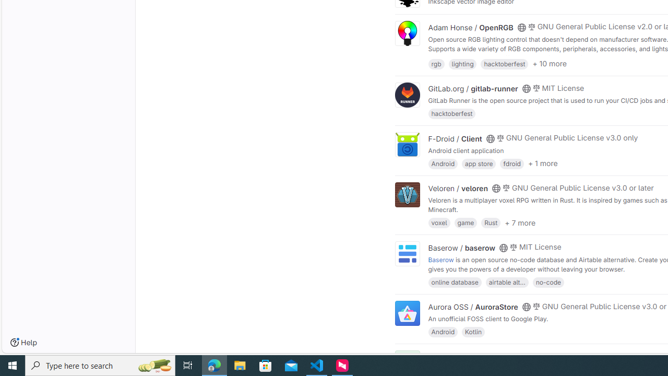  What do you see at coordinates (472, 306) in the screenshot?
I see `'Aurora OSS / AuroraStore'` at bounding box center [472, 306].